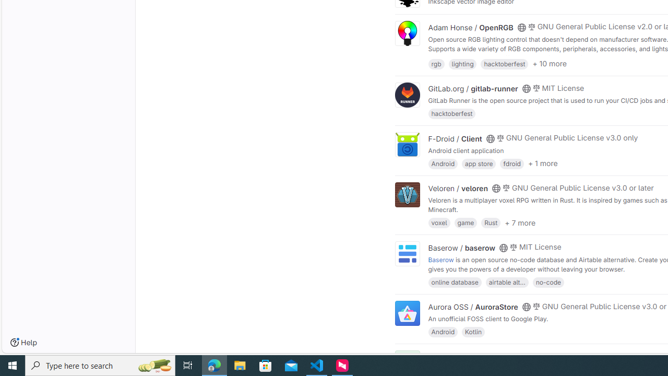  What do you see at coordinates (472, 306) in the screenshot?
I see `'Aurora OSS / AuroraStore'` at bounding box center [472, 306].